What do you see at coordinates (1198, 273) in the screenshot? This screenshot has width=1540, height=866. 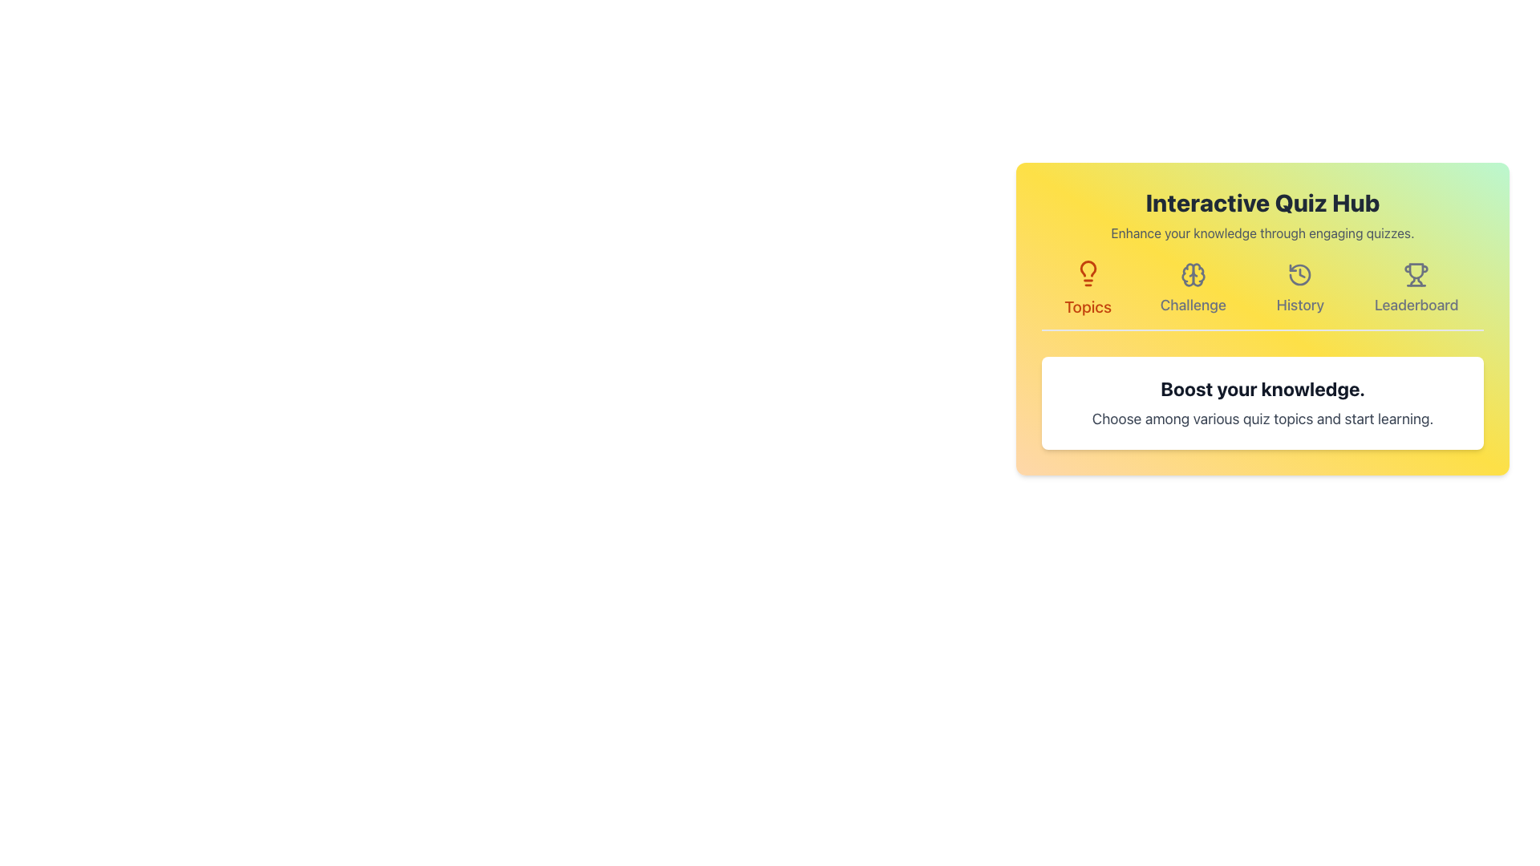 I see `the second icon in the horizontal sequence below the title 'Interactive Quiz Hub', which resembles a cloud or brain-like shape` at bounding box center [1198, 273].